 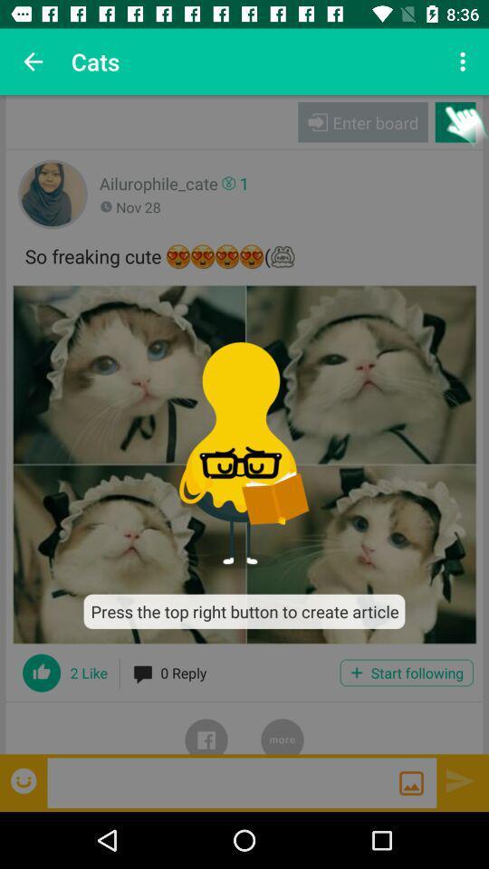 What do you see at coordinates (407, 672) in the screenshot?
I see `item to the right of 0 reply` at bounding box center [407, 672].